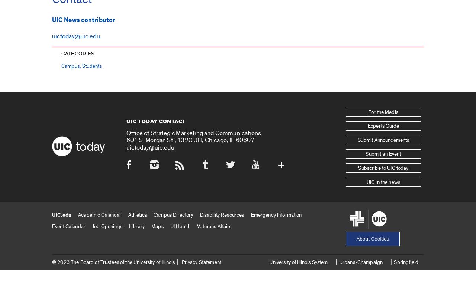 The width and height of the screenshot is (476, 293). What do you see at coordinates (52, 214) in the screenshot?
I see `'UIC.edu'` at bounding box center [52, 214].